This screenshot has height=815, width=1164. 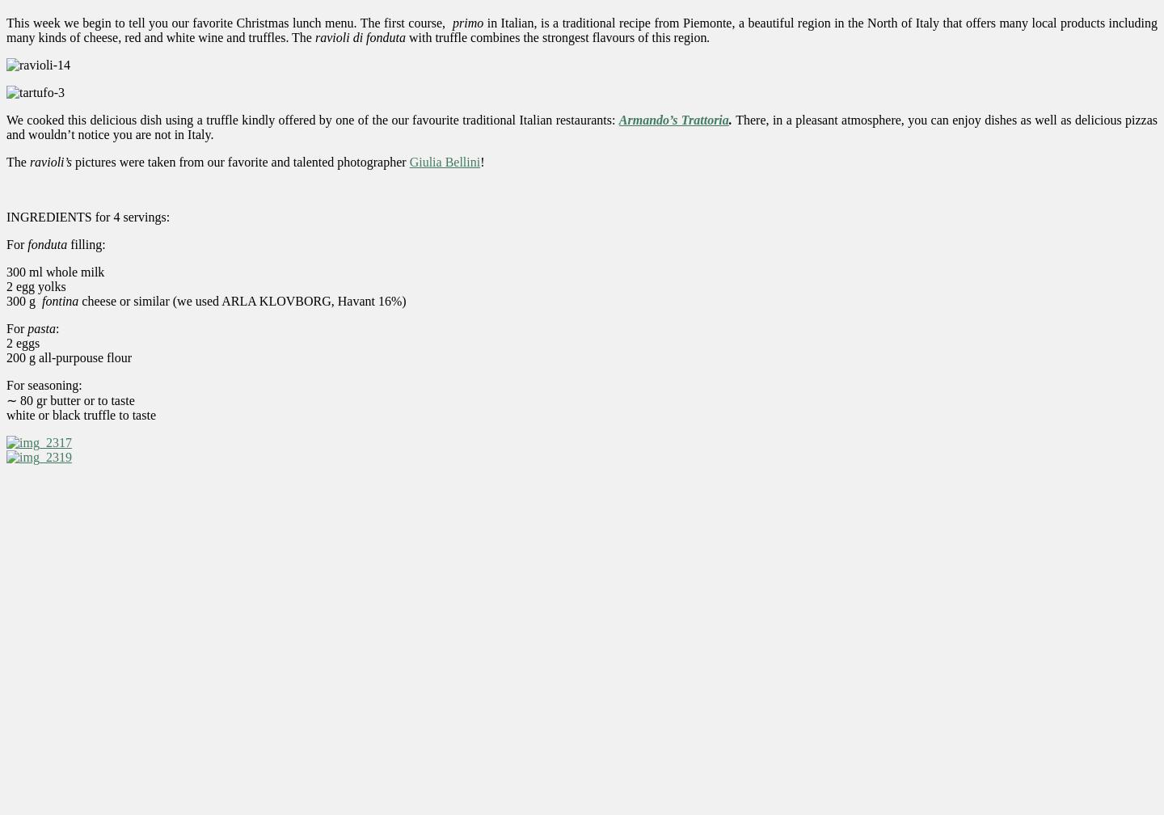 I want to click on 'INGREDIENTS for 4 servings:', so click(x=6, y=216).